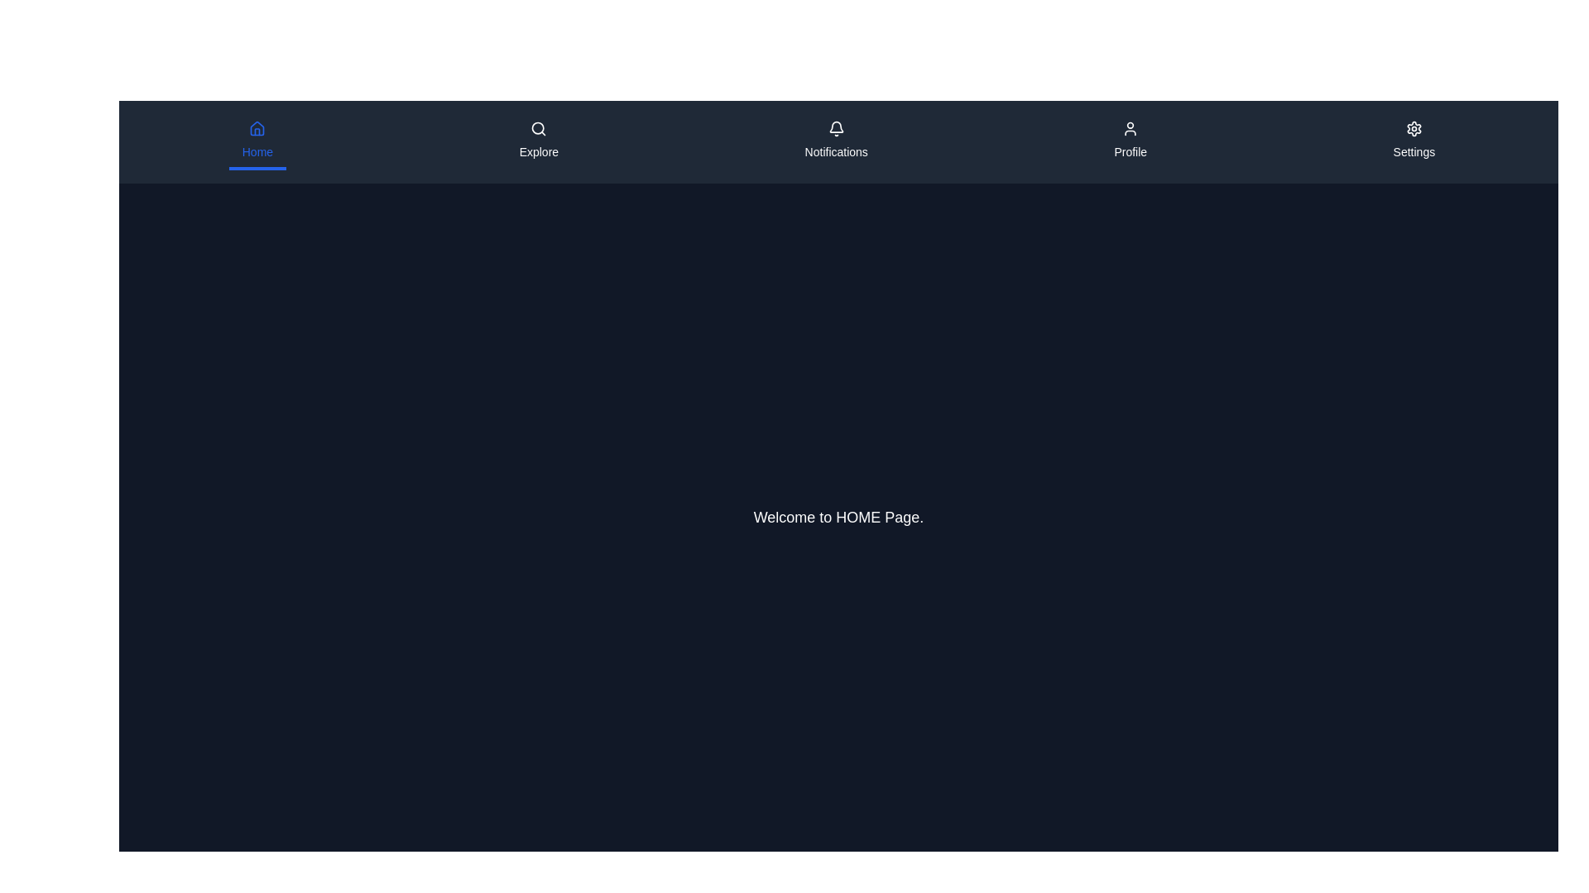 Image resolution: width=1589 pixels, height=893 pixels. I want to click on the notification icon, which is part of the top navigation bar and indicates new notifications to the user, so click(836, 126).